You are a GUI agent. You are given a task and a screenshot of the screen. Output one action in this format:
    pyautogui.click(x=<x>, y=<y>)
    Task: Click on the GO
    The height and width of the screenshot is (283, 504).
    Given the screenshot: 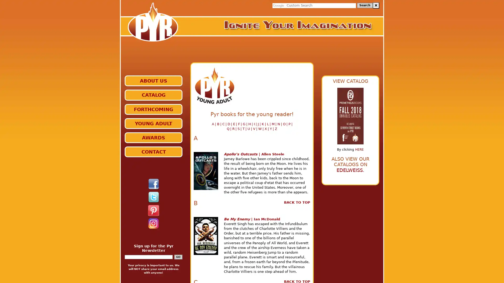 What is the action you would take?
    pyautogui.click(x=178, y=256)
    